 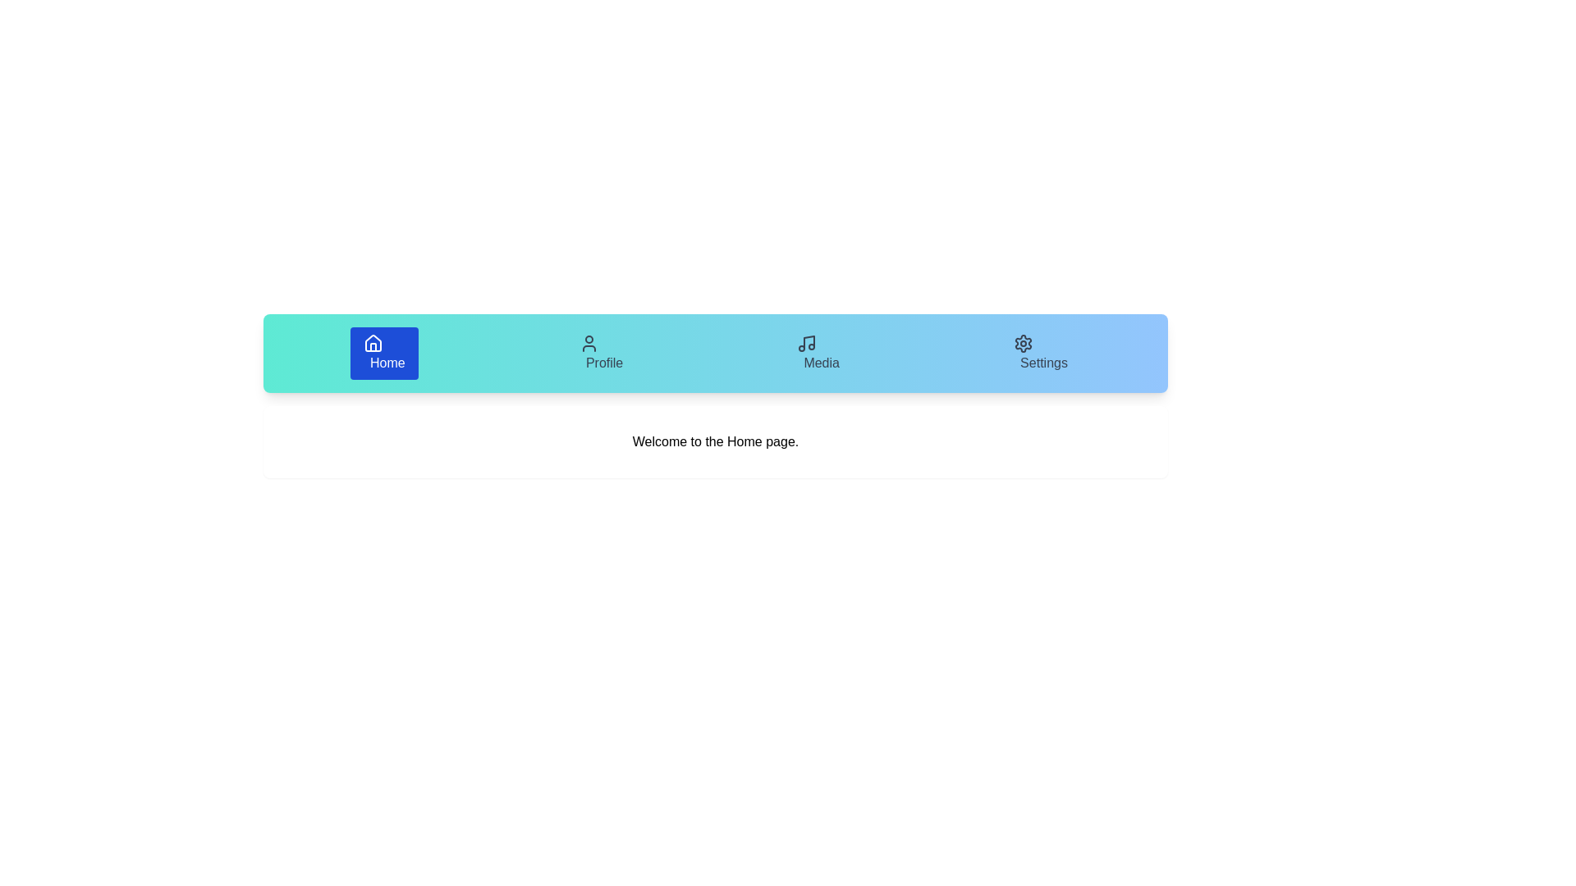 I want to click on the Home tab to display its content, so click(x=383, y=353).